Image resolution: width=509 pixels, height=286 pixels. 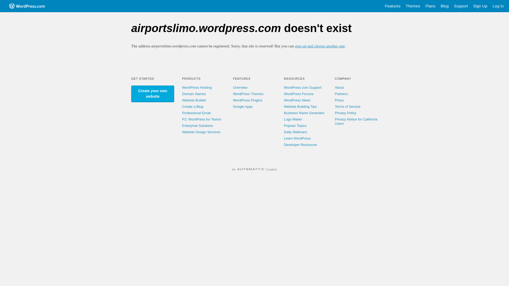 I want to click on 'Press', so click(x=339, y=100).